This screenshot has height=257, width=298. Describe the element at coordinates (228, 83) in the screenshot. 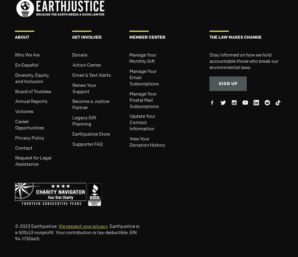

I see `'Sign Up'` at that location.